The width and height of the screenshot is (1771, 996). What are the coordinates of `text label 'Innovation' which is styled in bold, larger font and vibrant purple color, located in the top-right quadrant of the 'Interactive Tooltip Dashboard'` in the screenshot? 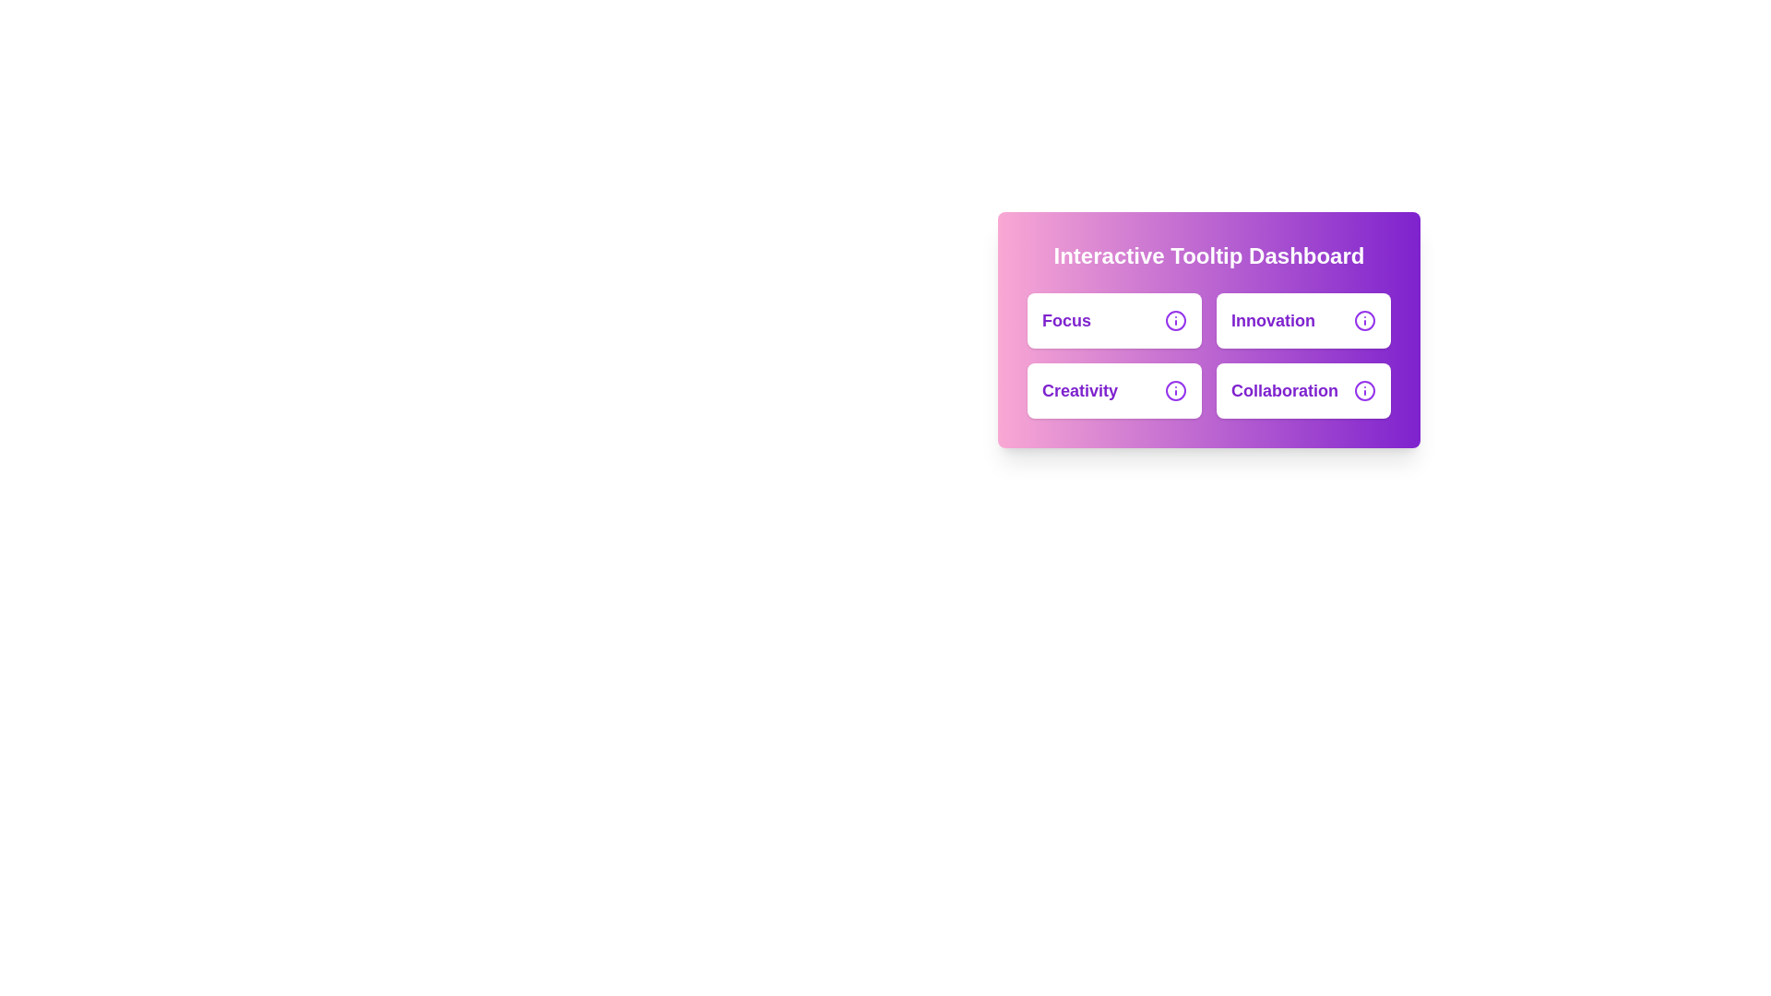 It's located at (1272, 319).